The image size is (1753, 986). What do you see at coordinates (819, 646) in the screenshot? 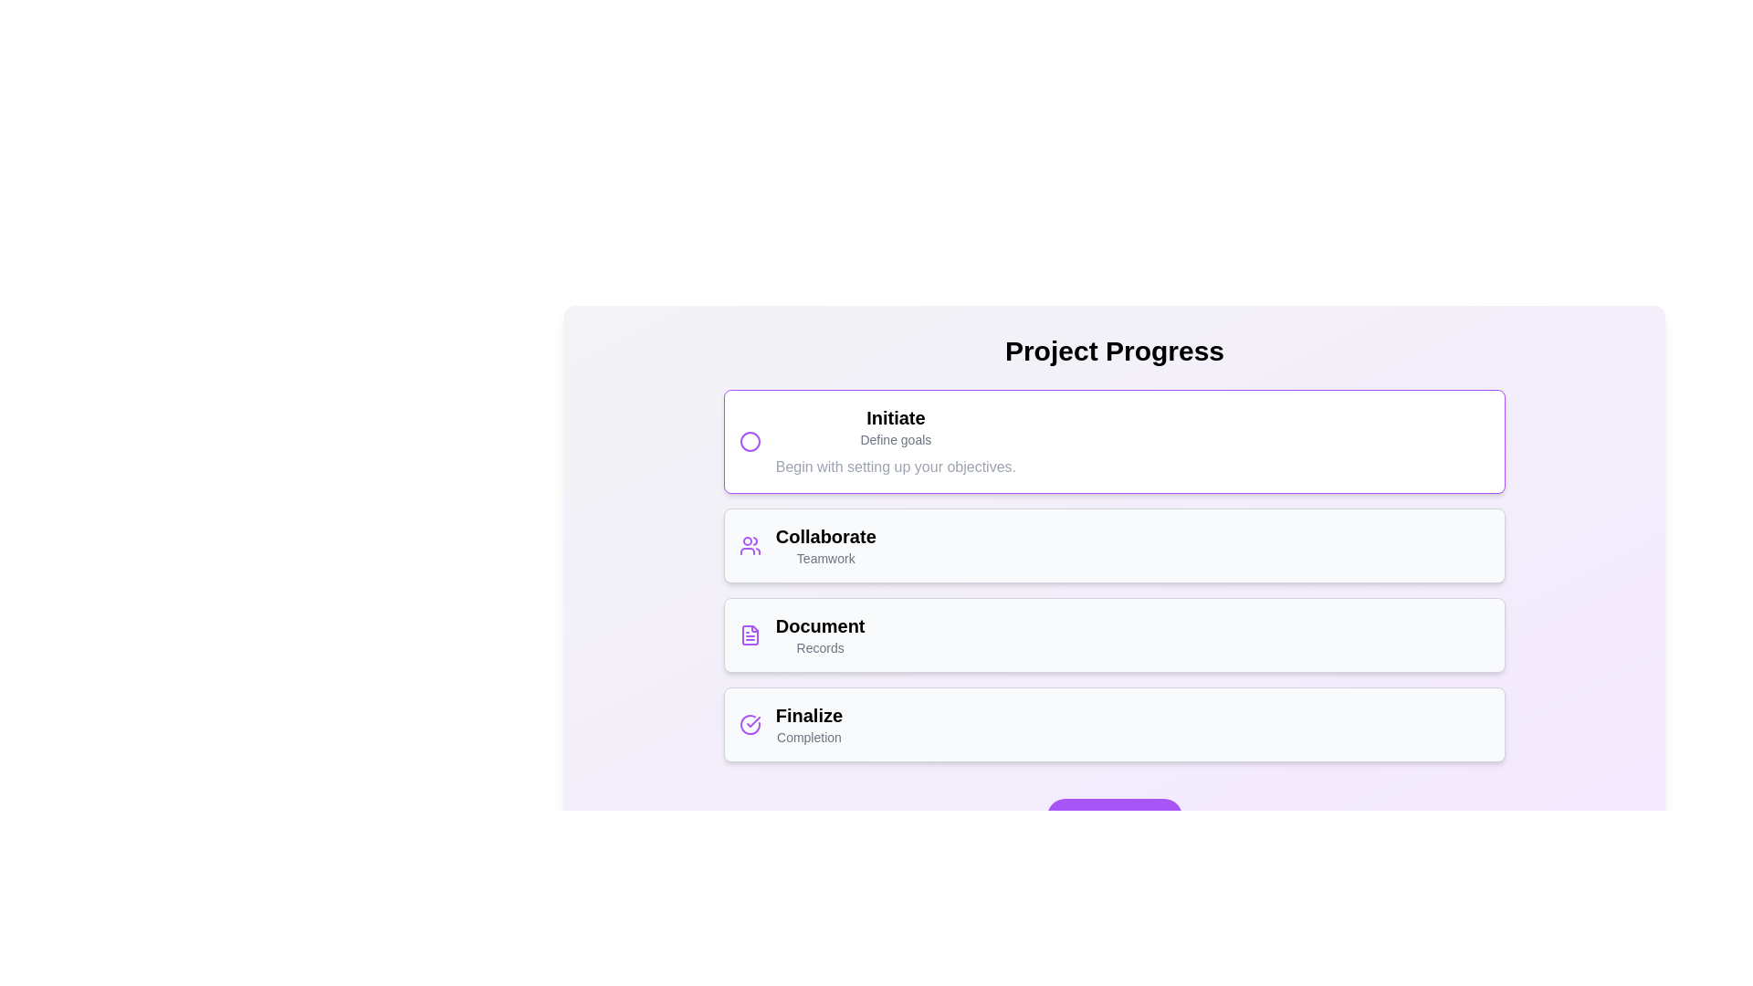
I see `text content of the descriptive label element located below the 'Document' section in the third section of a vertically stacked list` at bounding box center [819, 646].